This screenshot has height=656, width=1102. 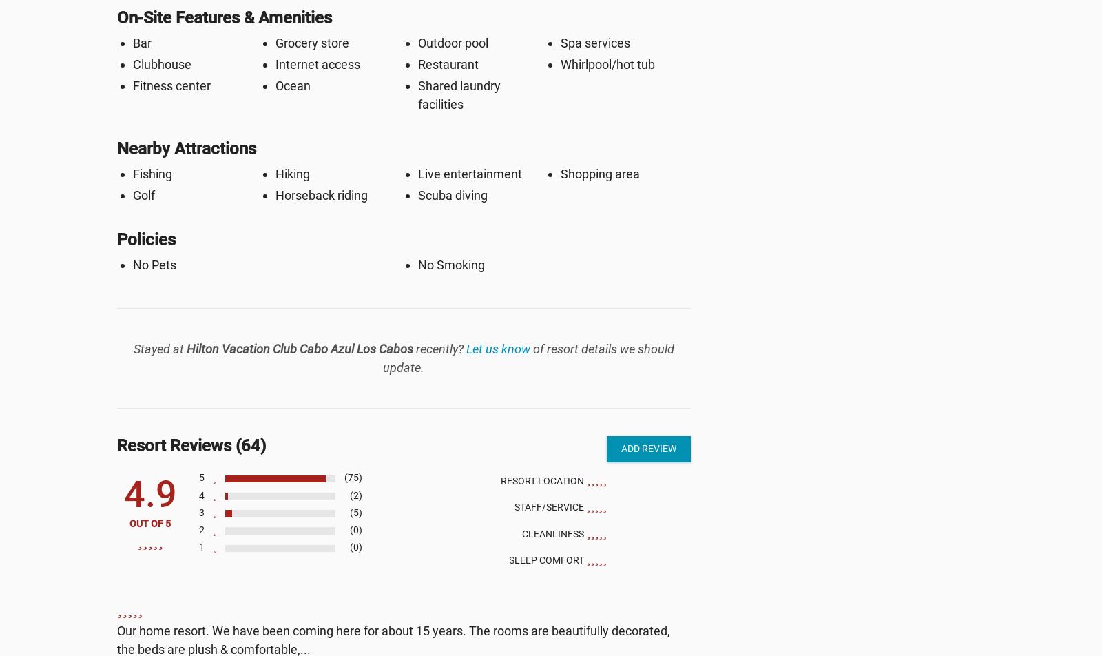 I want to click on 'Restaurant', so click(x=447, y=63).